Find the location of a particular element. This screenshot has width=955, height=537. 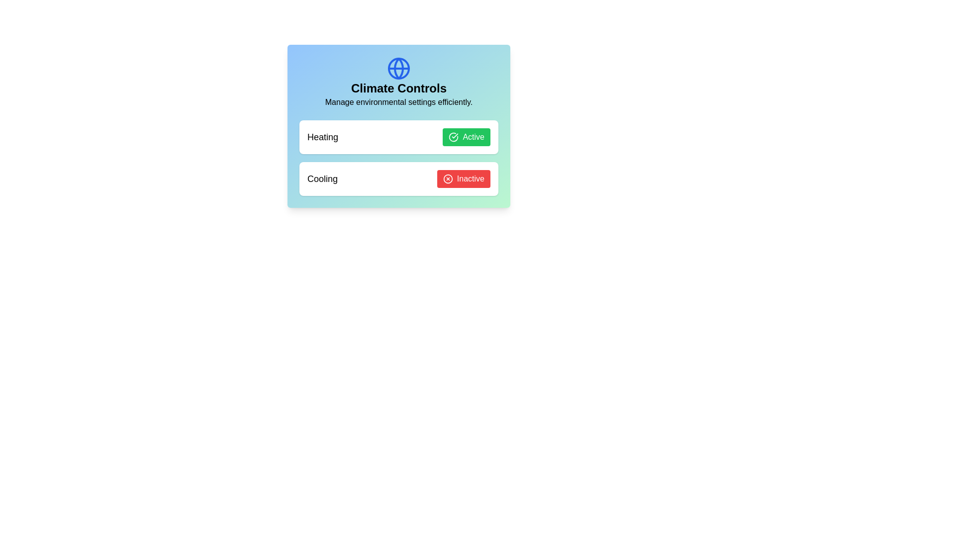

the 'Heating' button to toggle its state is located at coordinates (466, 137).